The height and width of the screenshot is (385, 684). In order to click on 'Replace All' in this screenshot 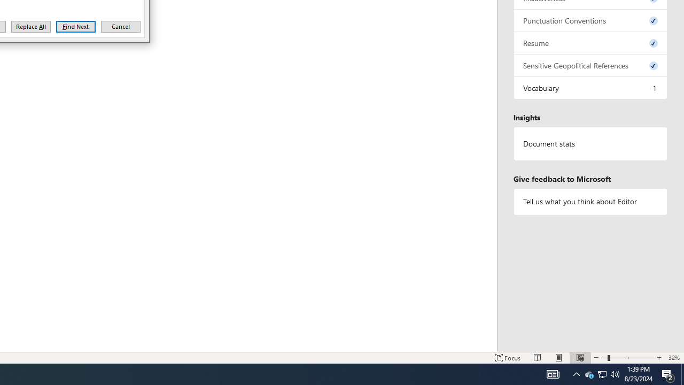, I will do `click(31, 26)`.